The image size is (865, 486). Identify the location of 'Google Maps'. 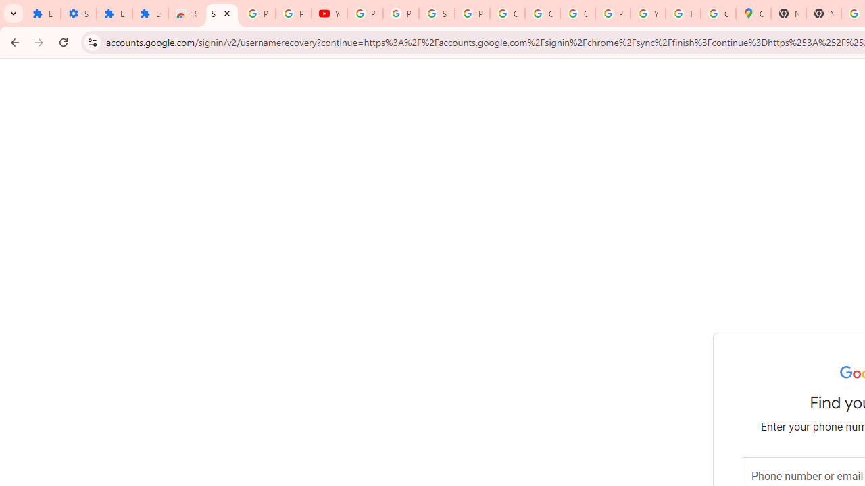
(752, 13).